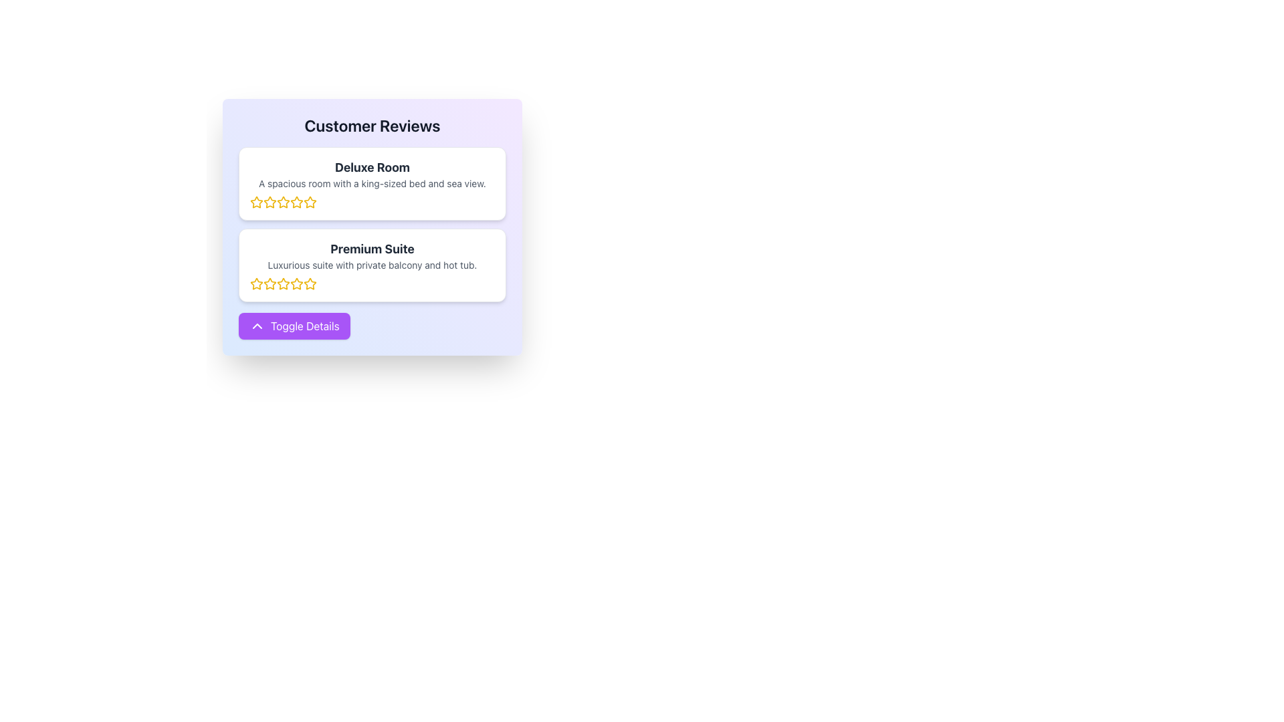 The image size is (1284, 722). Describe the element at coordinates (296, 202) in the screenshot. I see `the third star icon in the first rating row to interact with it` at that location.